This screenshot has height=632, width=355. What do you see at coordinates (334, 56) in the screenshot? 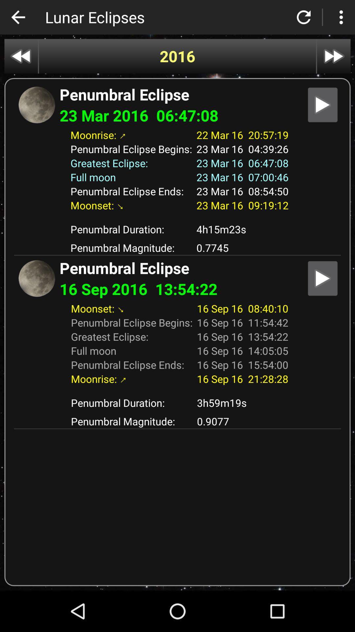
I see `the av_forward icon` at bounding box center [334, 56].